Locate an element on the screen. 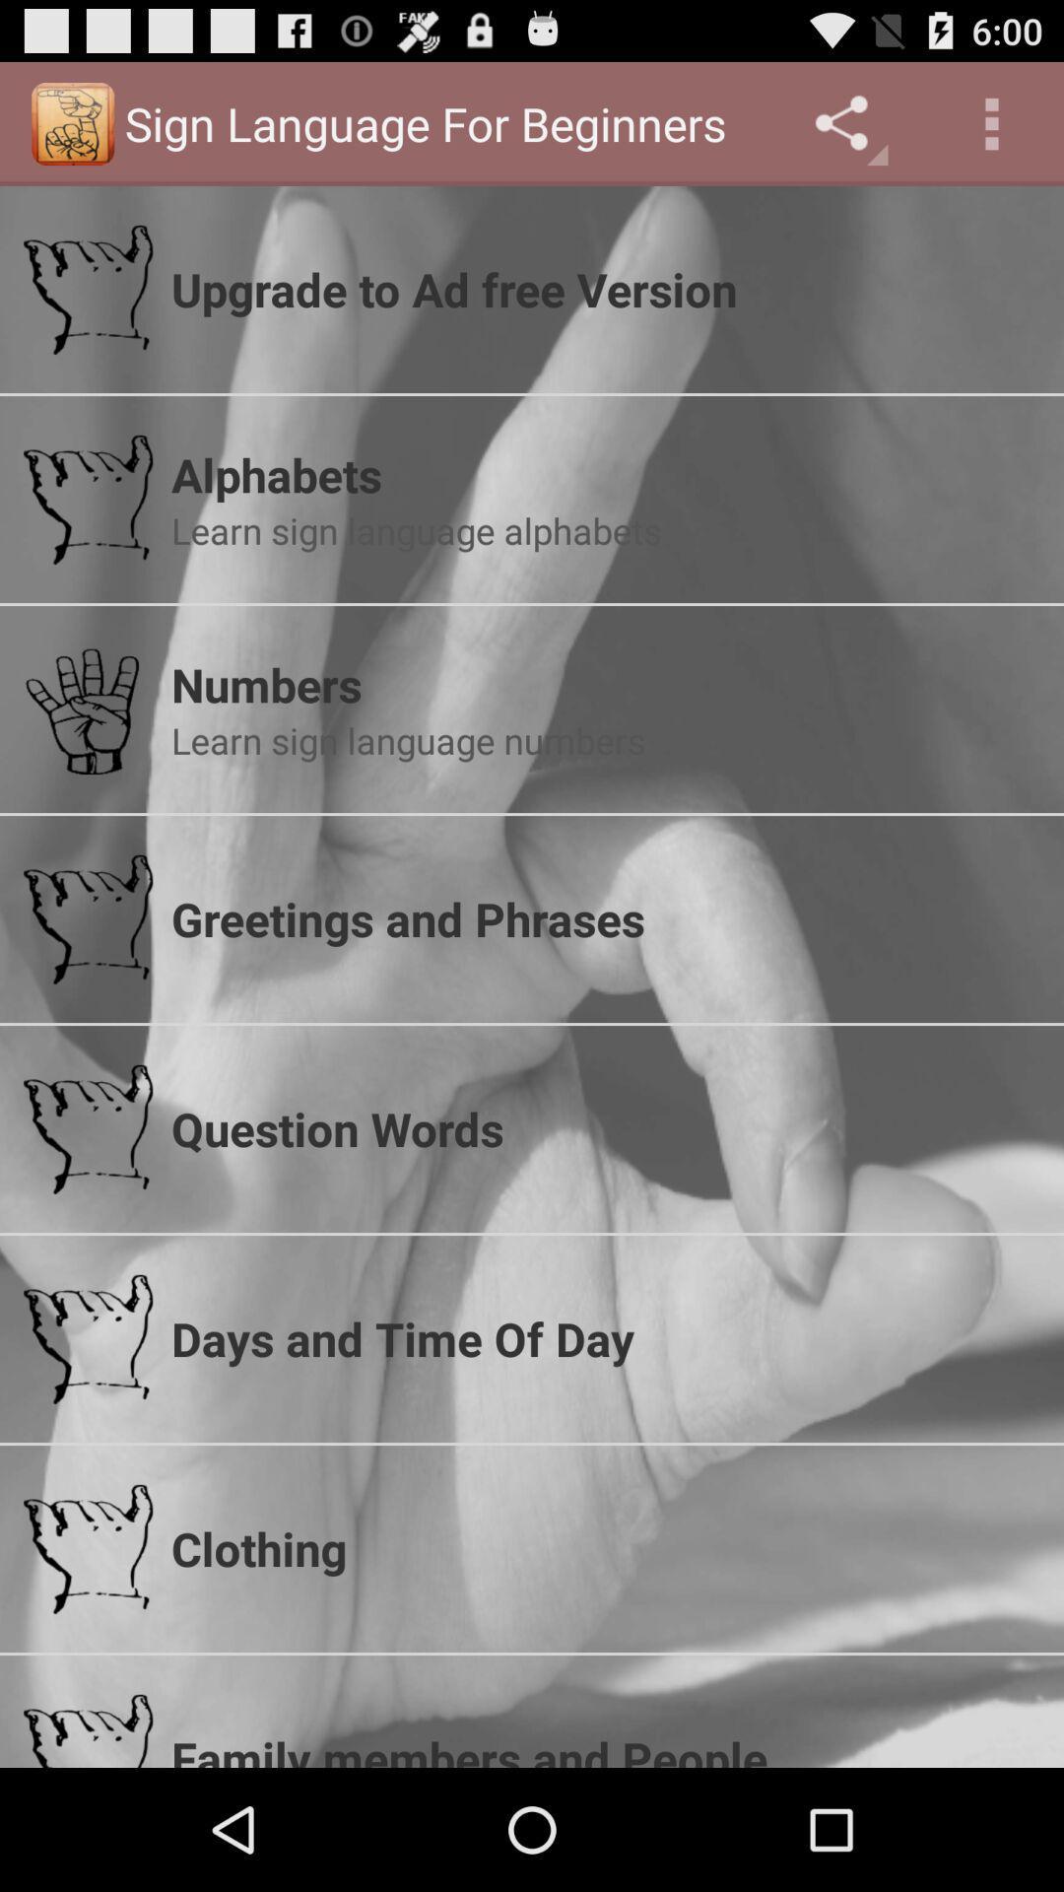 The width and height of the screenshot is (1064, 1892). greetings and phrases app is located at coordinates (604, 917).